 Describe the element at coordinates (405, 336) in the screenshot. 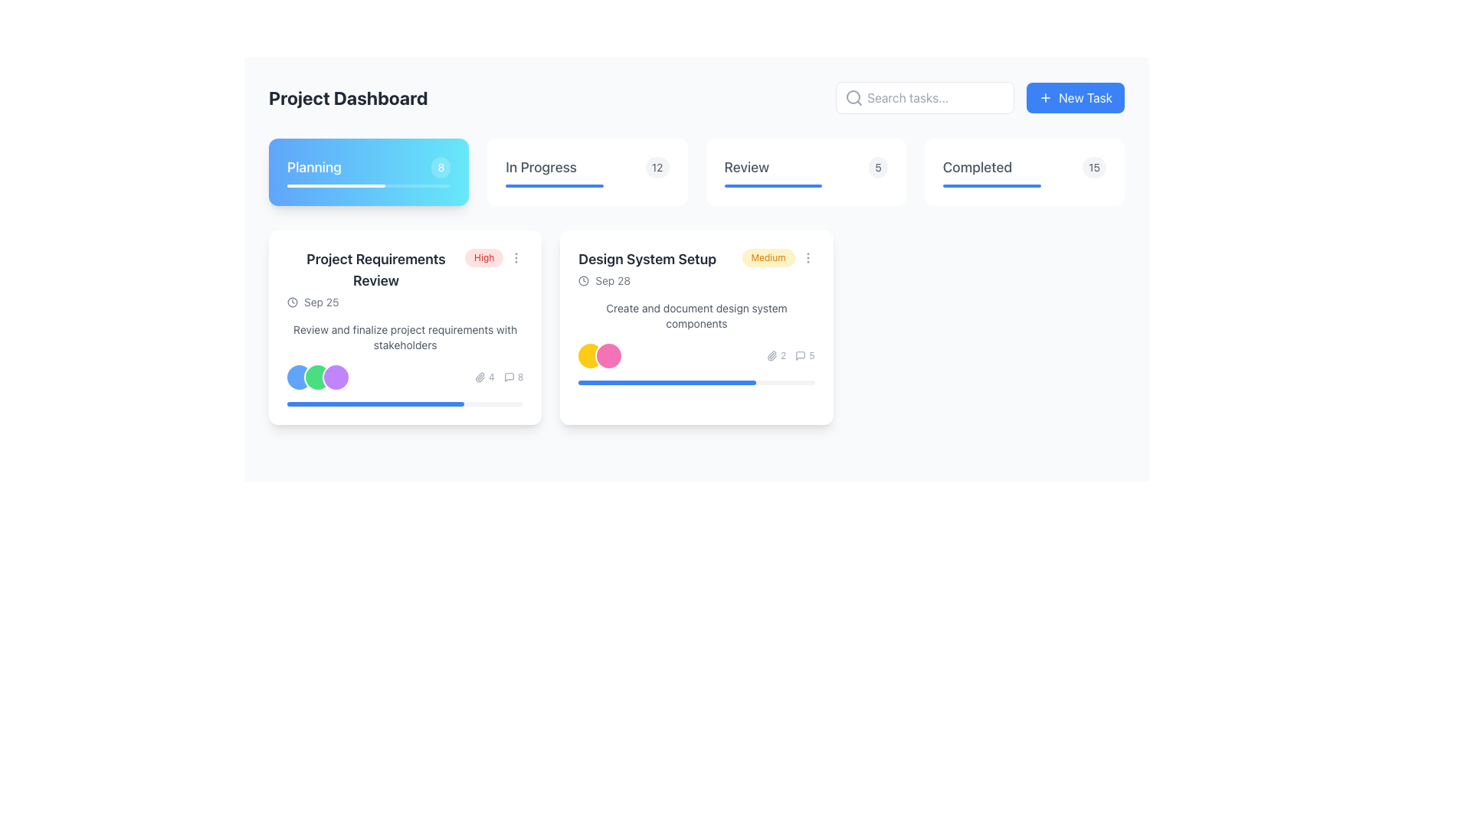

I see `the static text description element providing information about 'Project Requirements Review', which is located beneath the title and above the avatars and progress indicators section` at that location.